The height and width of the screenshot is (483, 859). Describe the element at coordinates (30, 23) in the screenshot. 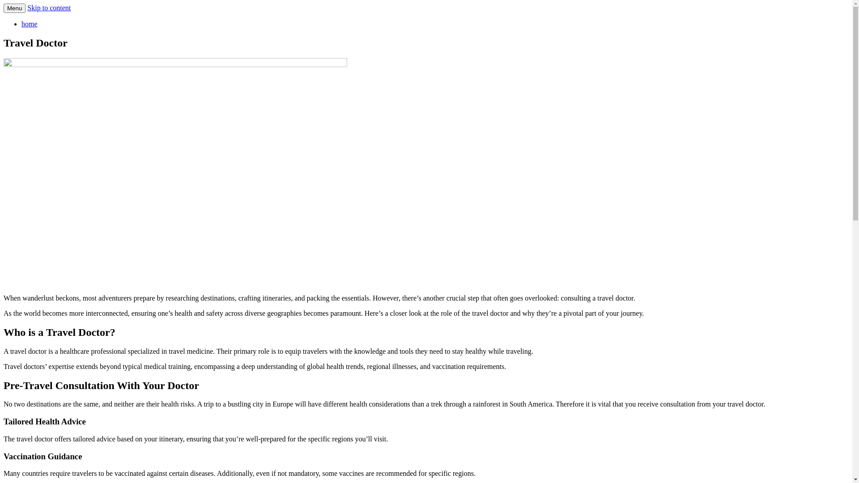

I see `'home'` at that location.